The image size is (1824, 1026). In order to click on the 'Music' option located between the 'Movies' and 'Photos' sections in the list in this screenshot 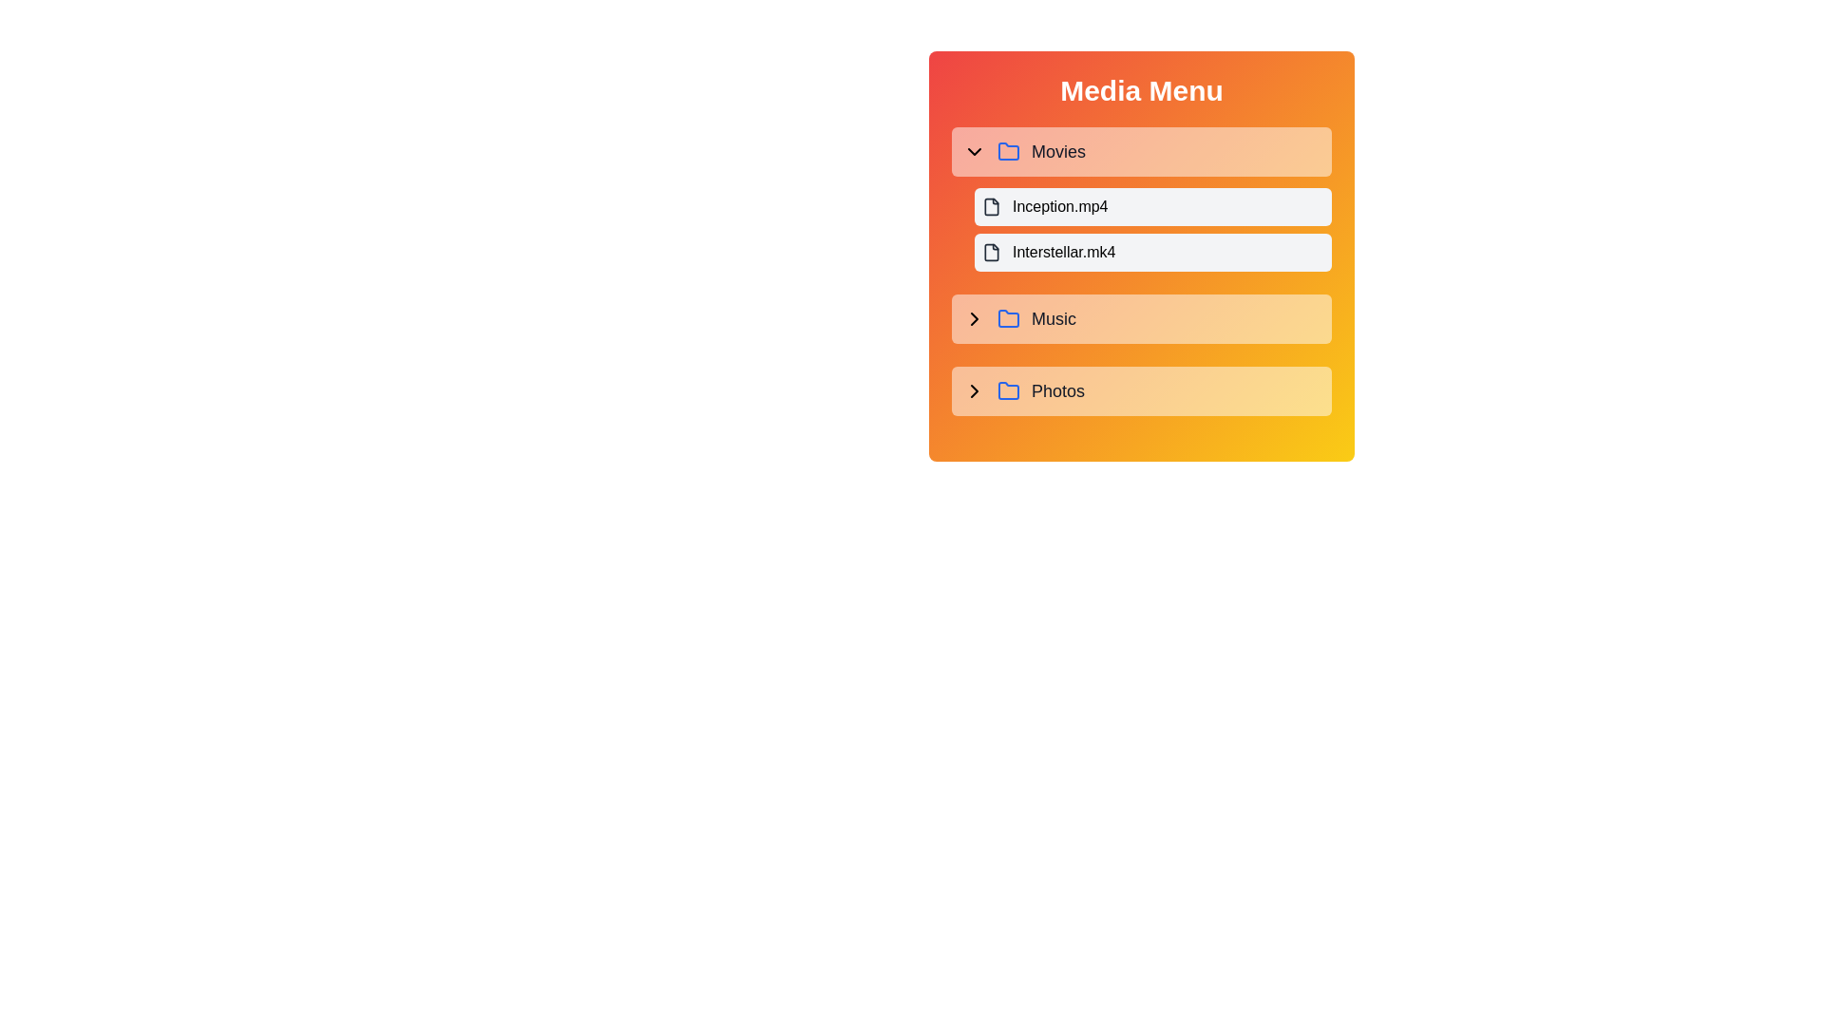, I will do `click(1018, 317)`.